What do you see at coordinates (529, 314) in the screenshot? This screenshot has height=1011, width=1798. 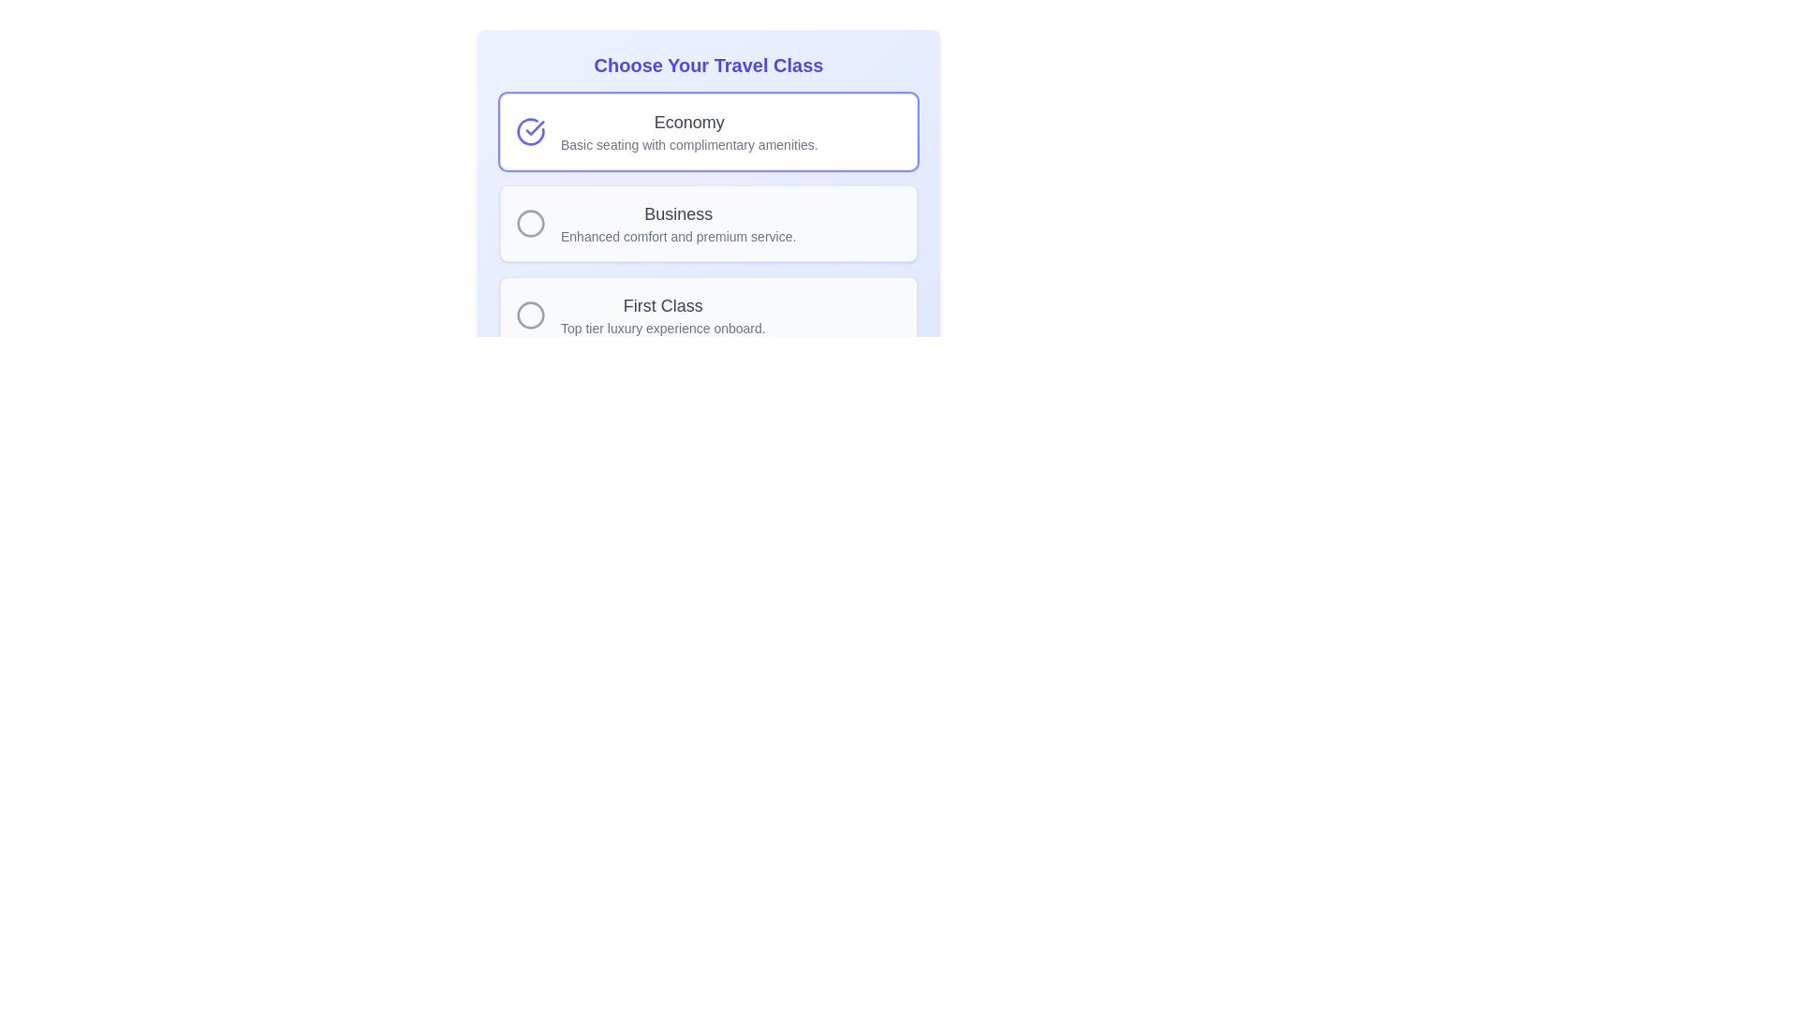 I see `the 'First Class' radio button` at bounding box center [529, 314].